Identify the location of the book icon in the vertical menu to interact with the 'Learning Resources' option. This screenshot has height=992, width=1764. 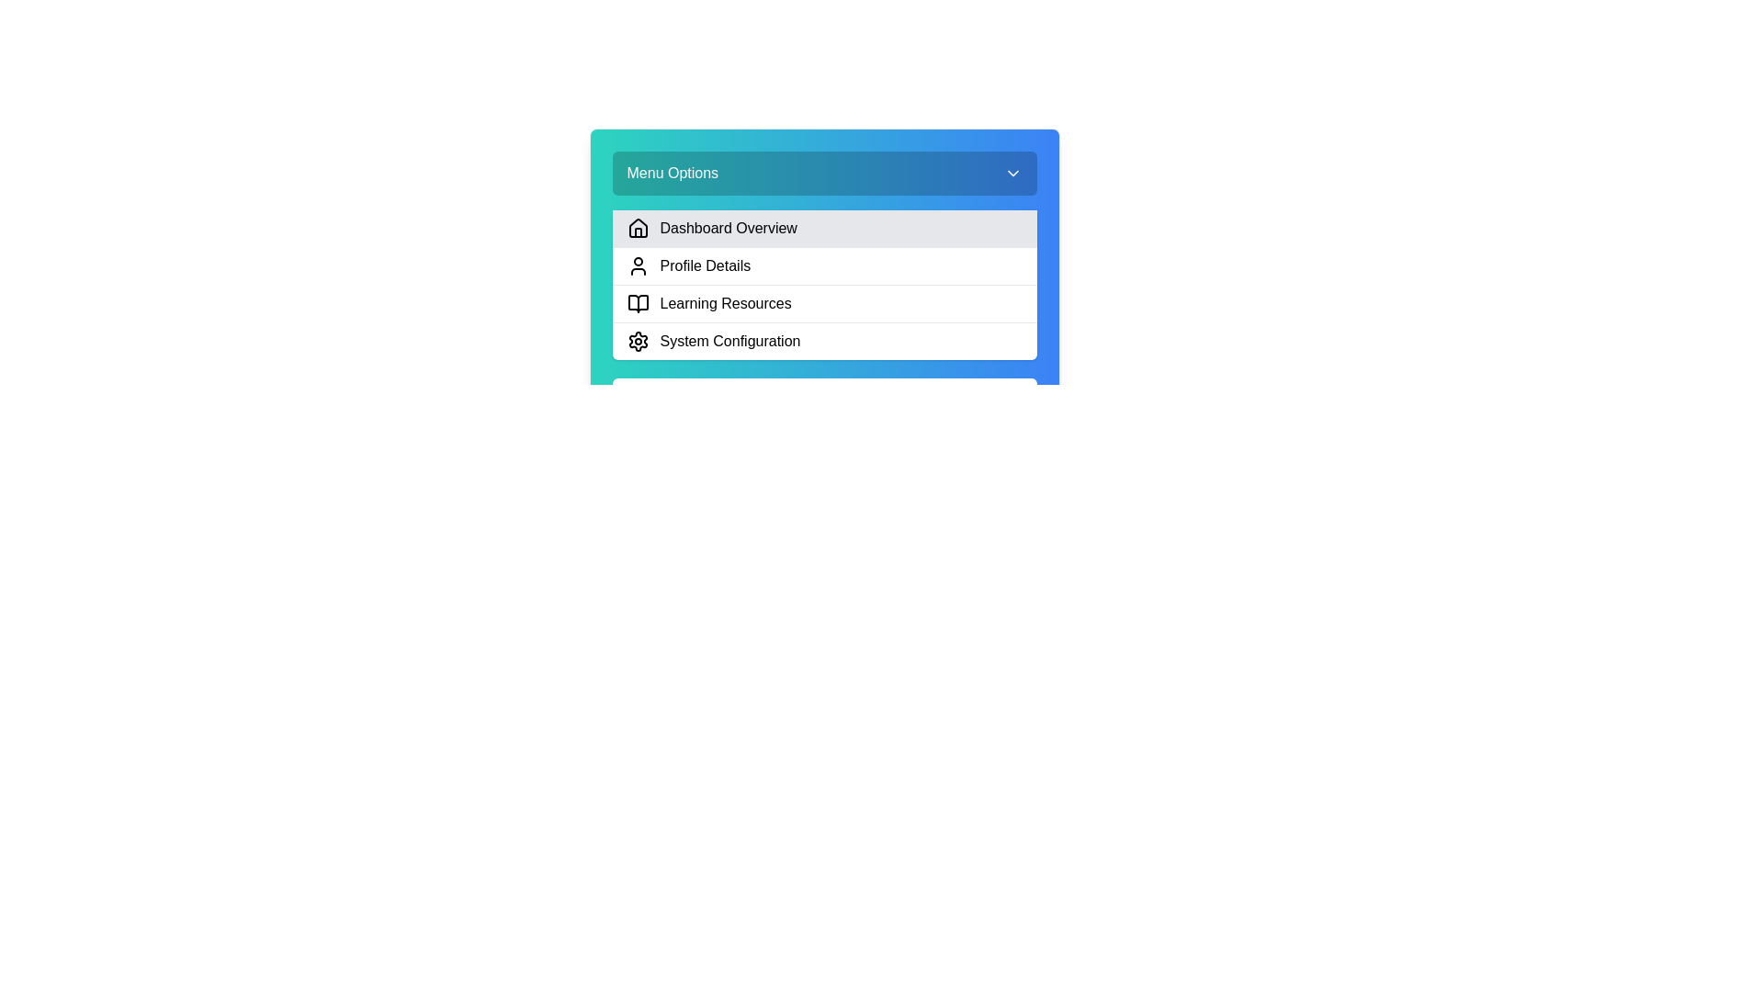
(638, 303).